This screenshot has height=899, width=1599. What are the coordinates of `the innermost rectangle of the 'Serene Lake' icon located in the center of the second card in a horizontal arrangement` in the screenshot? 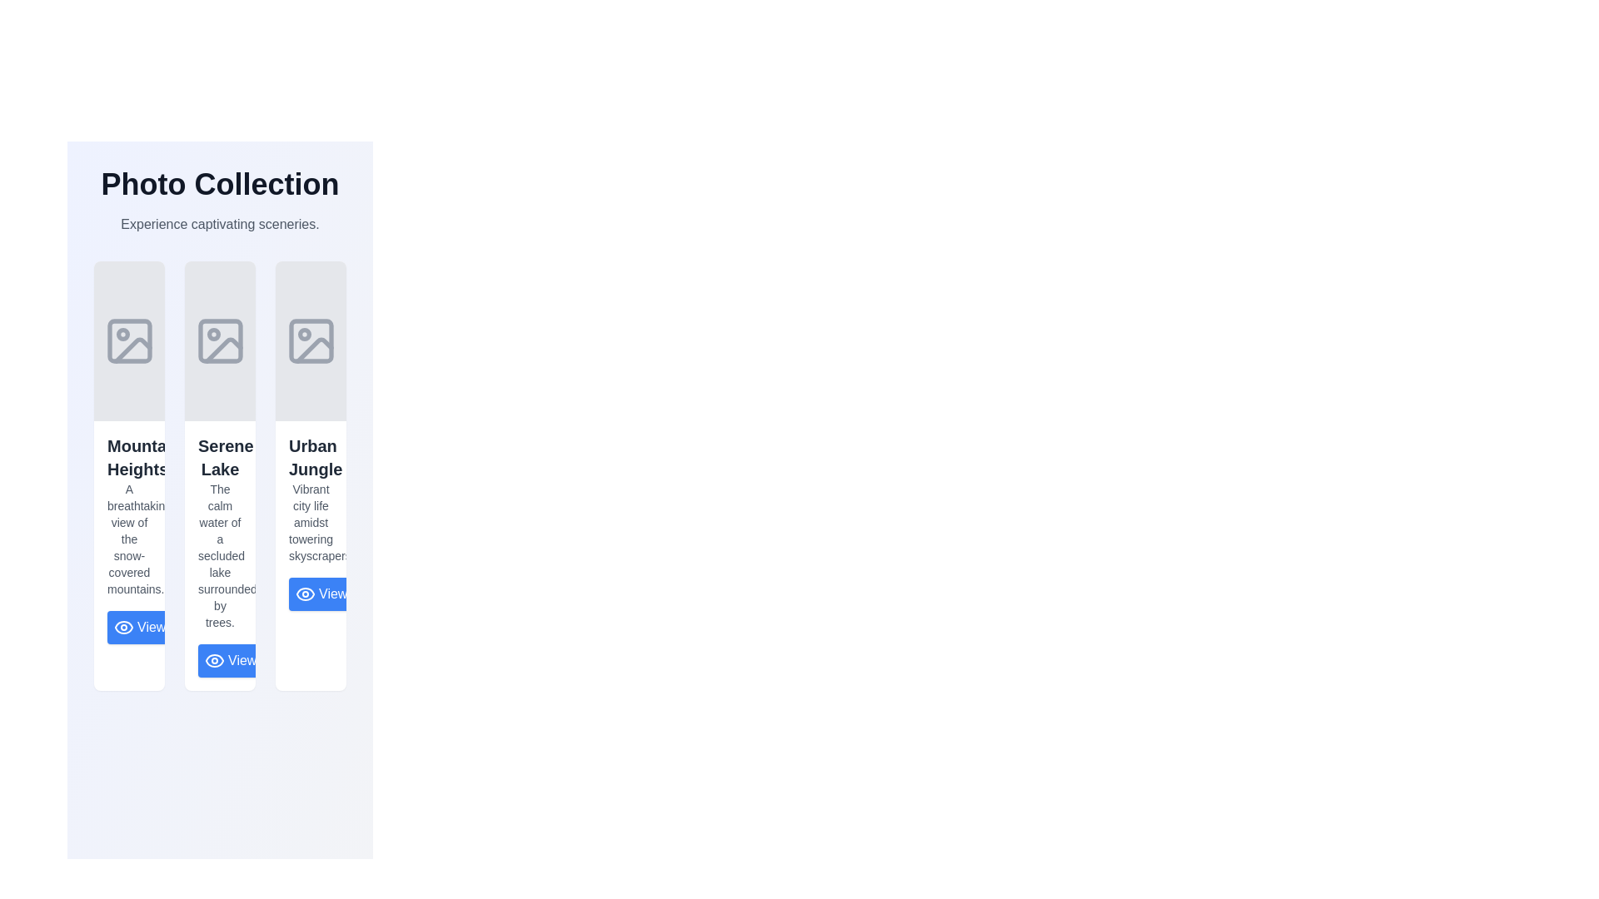 It's located at (219, 340).